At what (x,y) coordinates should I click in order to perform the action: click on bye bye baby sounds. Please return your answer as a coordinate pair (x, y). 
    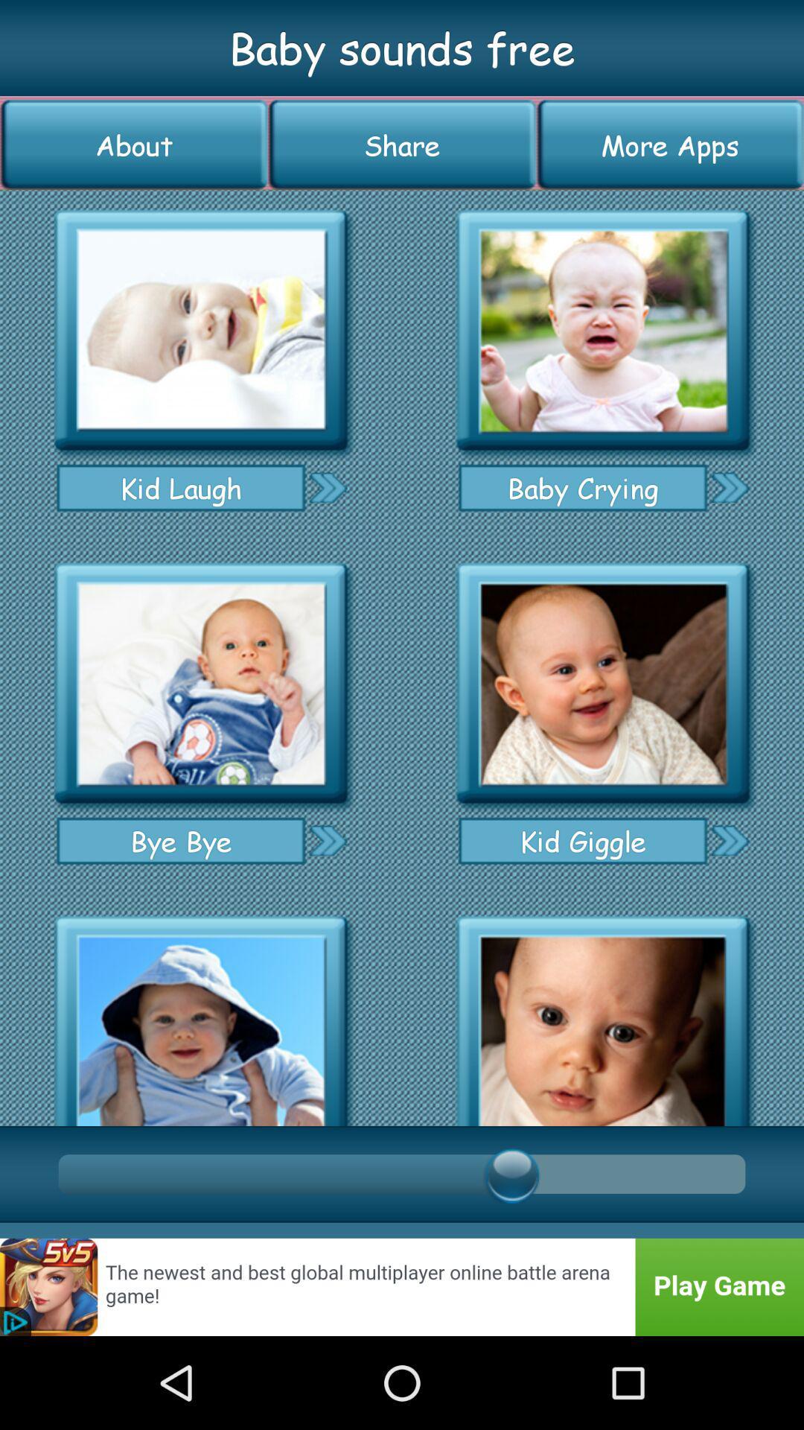
    Looking at the image, I should click on (201, 683).